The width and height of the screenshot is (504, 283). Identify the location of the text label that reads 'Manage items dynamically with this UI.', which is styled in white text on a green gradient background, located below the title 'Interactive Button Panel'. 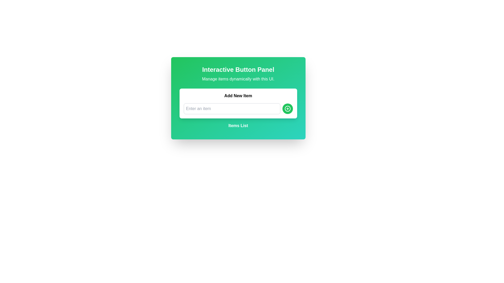
(238, 79).